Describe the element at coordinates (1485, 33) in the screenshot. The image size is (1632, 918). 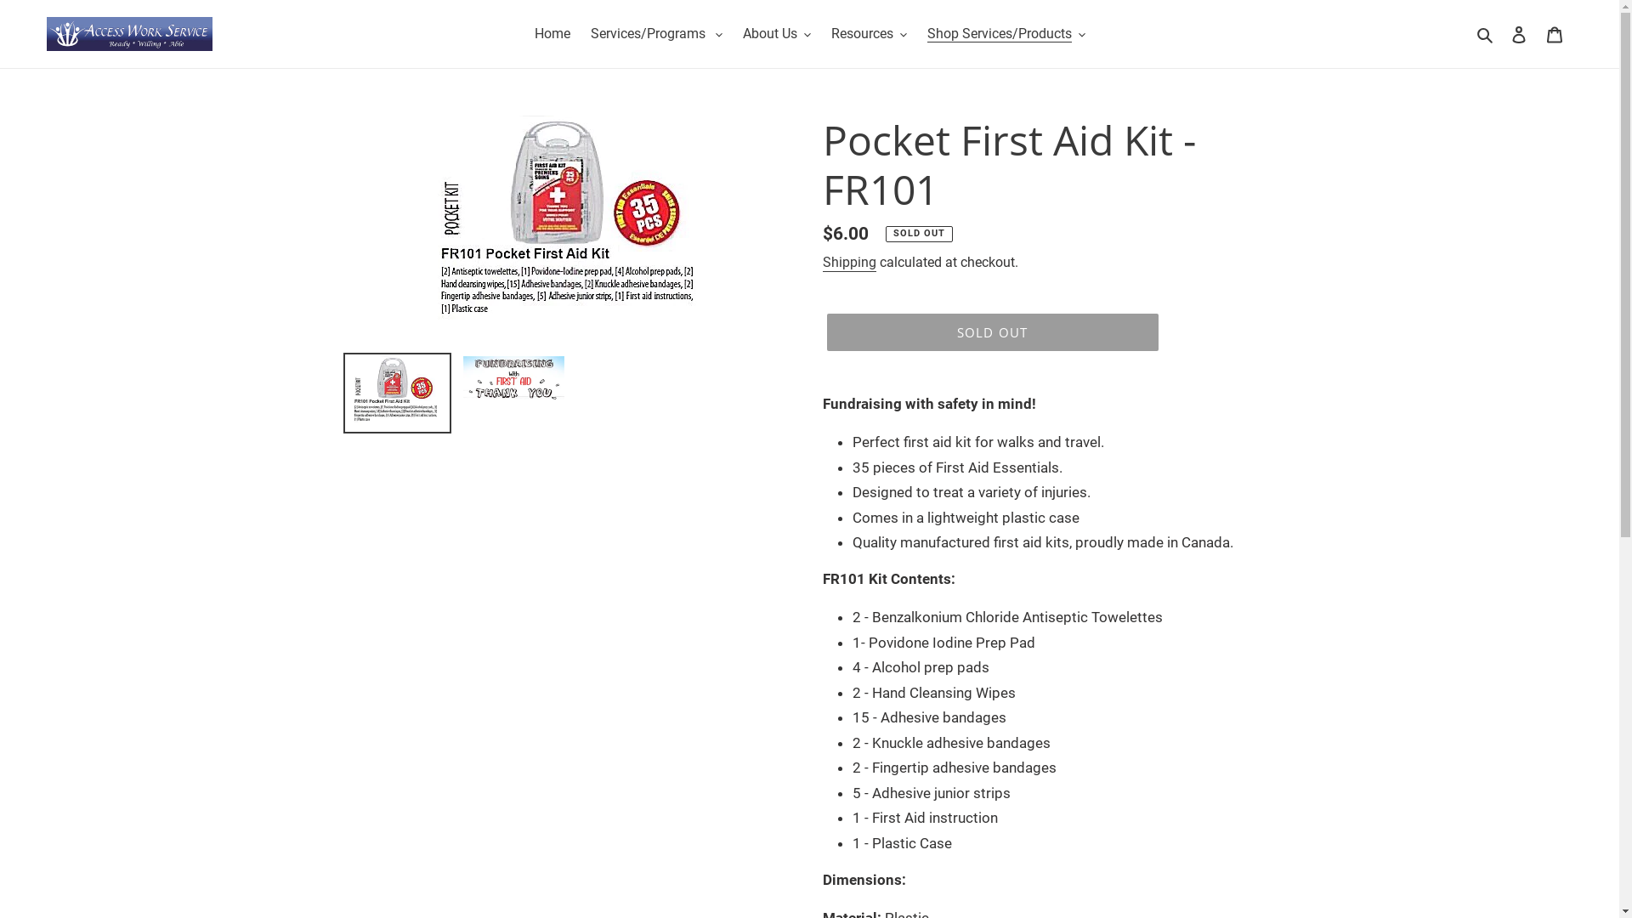
I see `'Search'` at that location.